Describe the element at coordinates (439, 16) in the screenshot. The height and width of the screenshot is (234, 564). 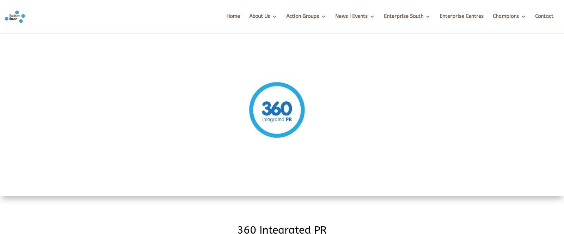
I see `'Enterprise Centres'` at that location.